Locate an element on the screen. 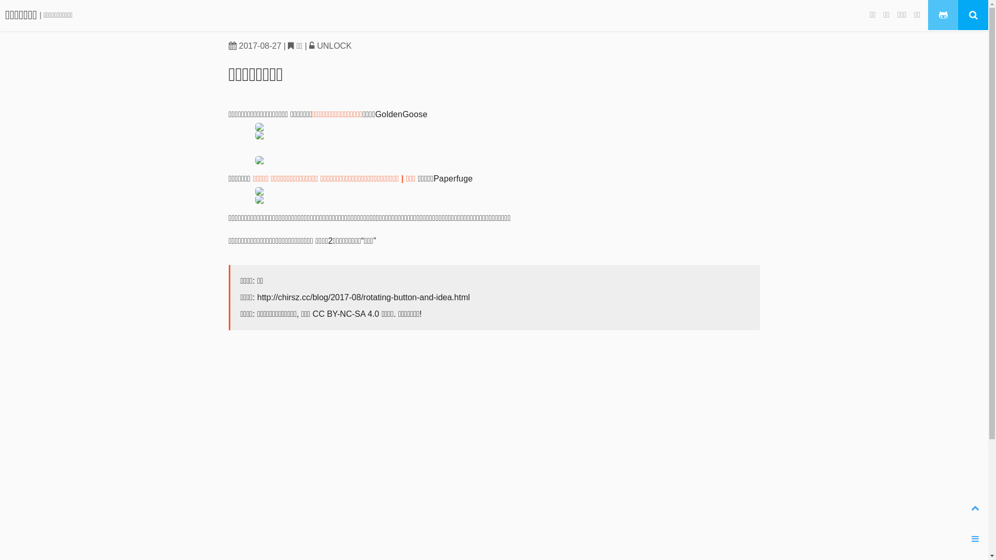 This screenshot has width=996, height=560. 'http://chirsz.cc/blog/2017-08/rotating-button-and-idea.html' is located at coordinates (363, 297).